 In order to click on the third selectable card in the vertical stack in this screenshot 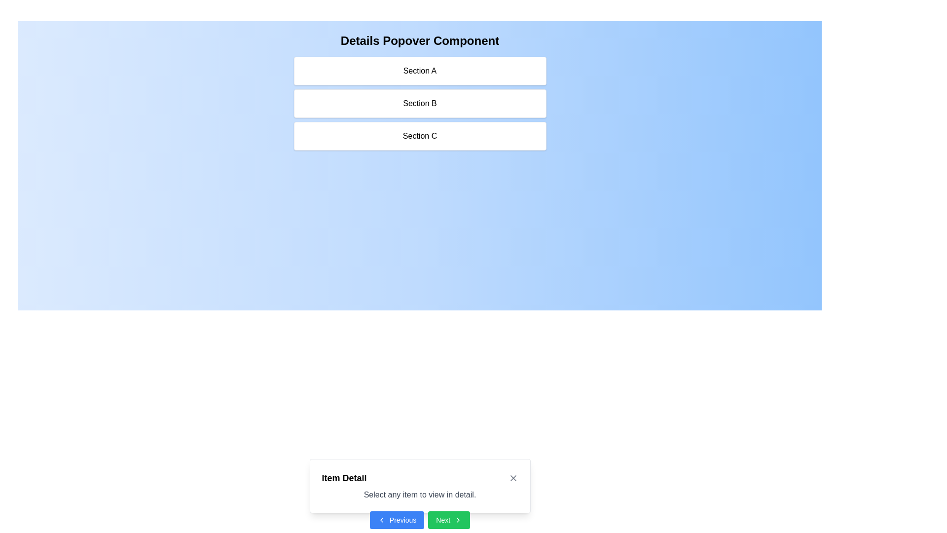, I will do `click(420, 136)`.